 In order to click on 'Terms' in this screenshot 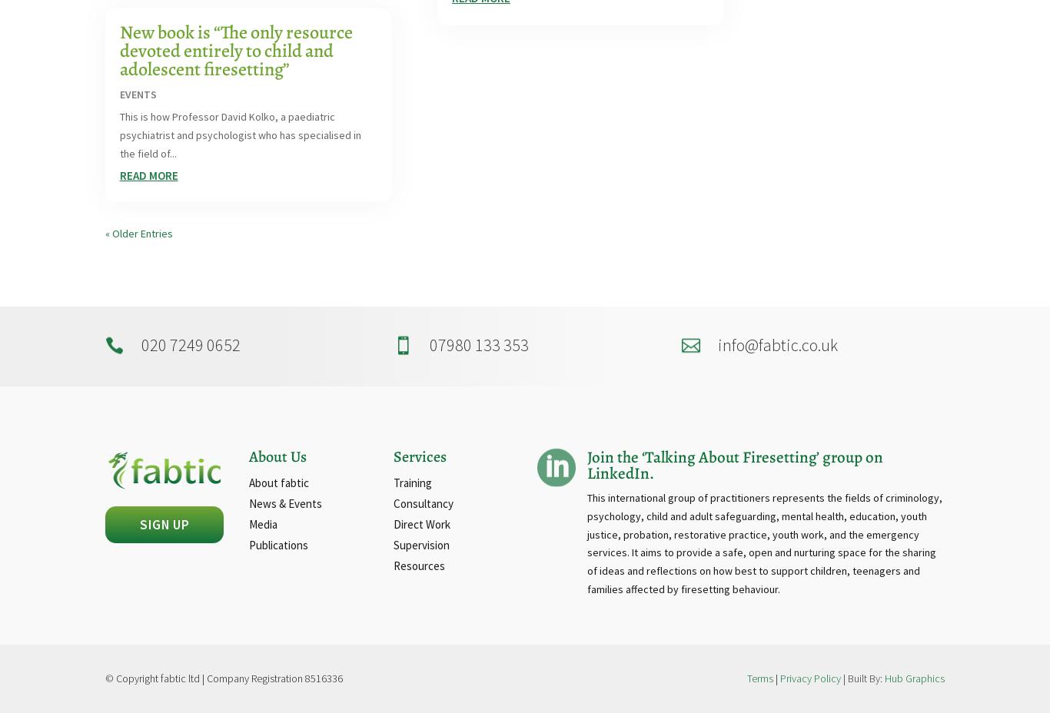, I will do `click(759, 678)`.